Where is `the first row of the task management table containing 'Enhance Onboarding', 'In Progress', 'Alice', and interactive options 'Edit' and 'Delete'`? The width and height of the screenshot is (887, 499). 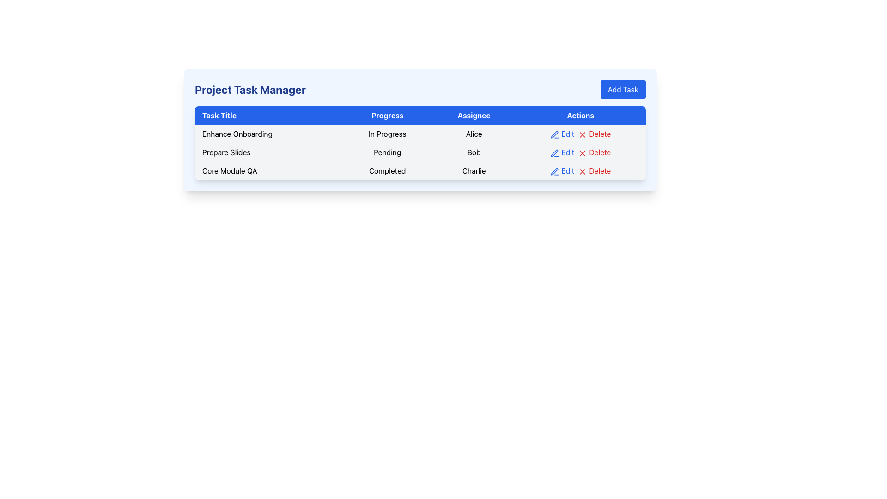
the first row of the task management table containing 'Enhance Onboarding', 'In Progress', 'Alice', and interactive options 'Edit' and 'Delete' is located at coordinates (420, 134).